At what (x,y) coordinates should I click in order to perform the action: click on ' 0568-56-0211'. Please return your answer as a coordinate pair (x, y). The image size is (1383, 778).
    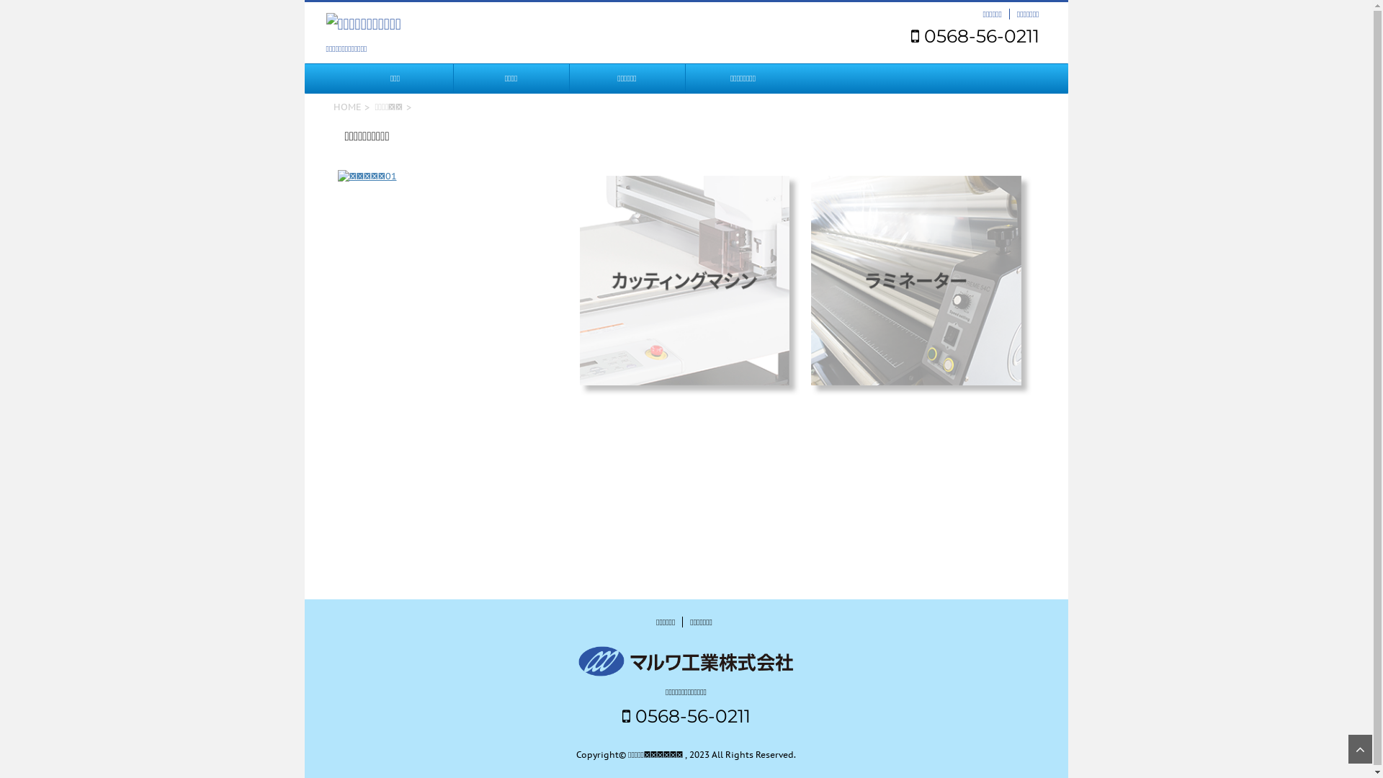
    Looking at the image, I should click on (686, 716).